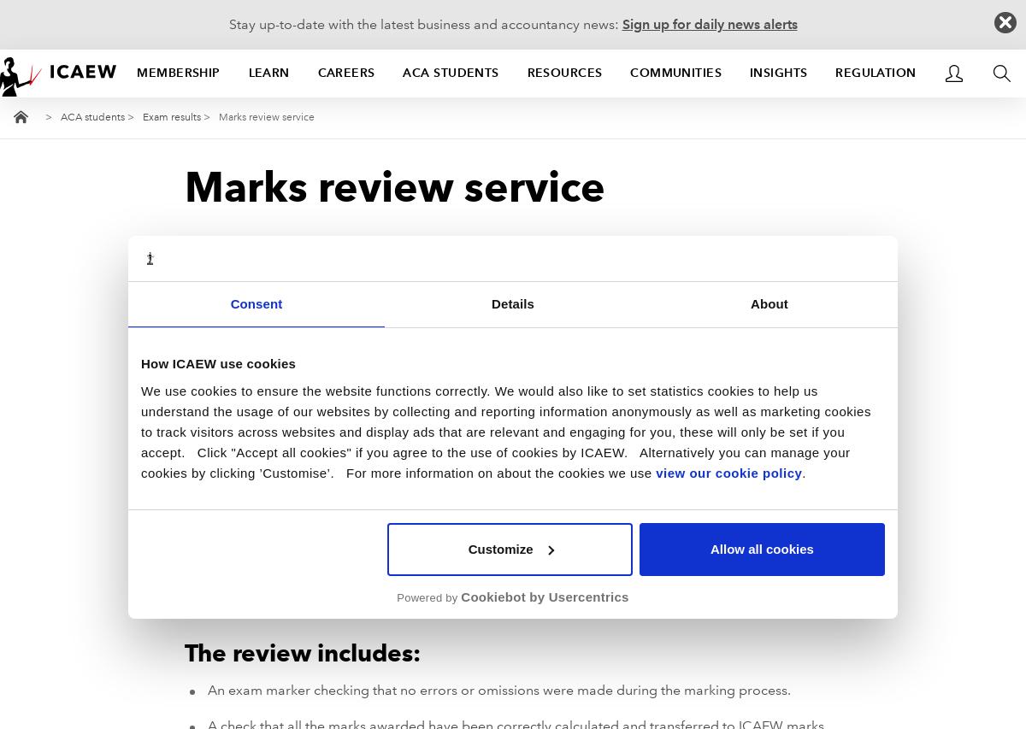 The image size is (1026, 729). I want to click on 'Apply here', so click(610, 448).